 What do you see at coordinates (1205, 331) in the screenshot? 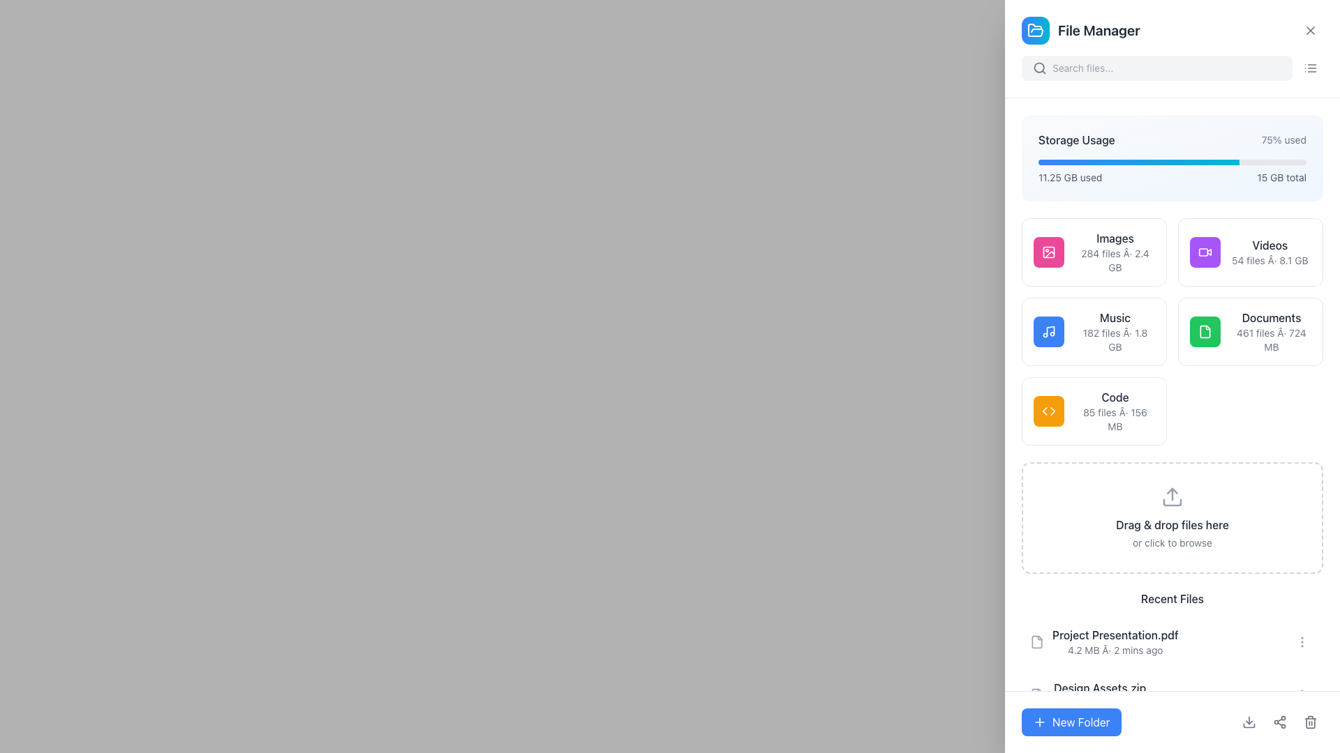
I see `the file icon with rounded edges, styled in white, located within the green square area in the 'Documents' section of the dashboard` at bounding box center [1205, 331].